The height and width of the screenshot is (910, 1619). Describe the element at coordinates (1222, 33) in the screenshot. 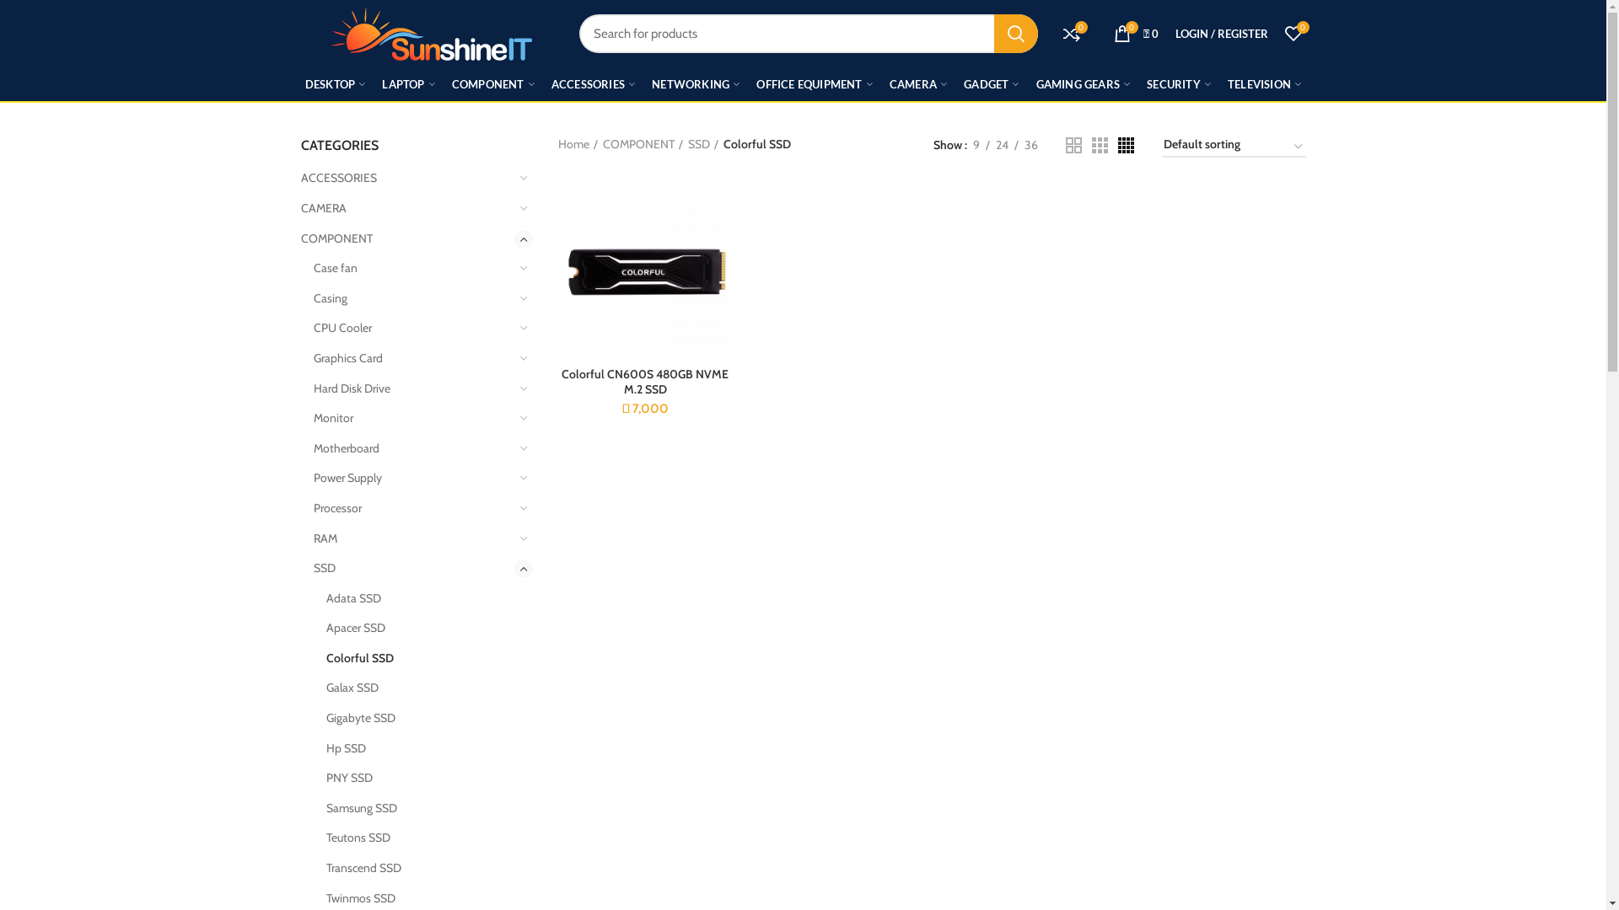

I see `'LOGIN / REGISTER'` at that location.